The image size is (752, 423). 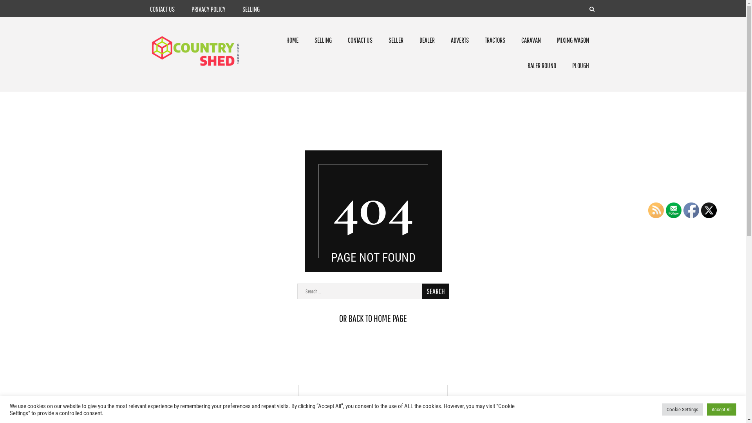 What do you see at coordinates (573, 40) in the screenshot?
I see `'MIXING WAGON'` at bounding box center [573, 40].